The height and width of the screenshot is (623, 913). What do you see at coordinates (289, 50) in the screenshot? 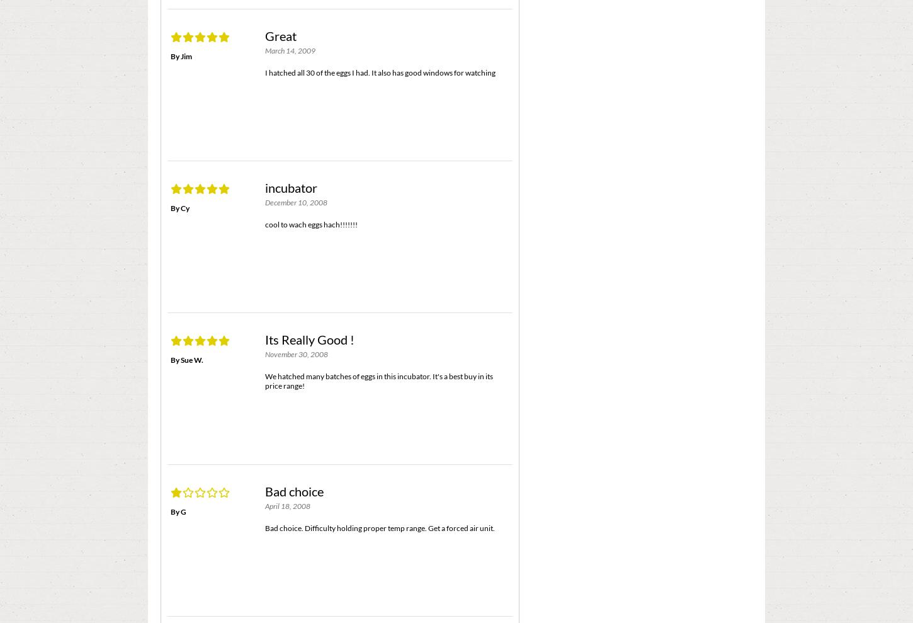
I see `'March 14, 2009'` at bounding box center [289, 50].